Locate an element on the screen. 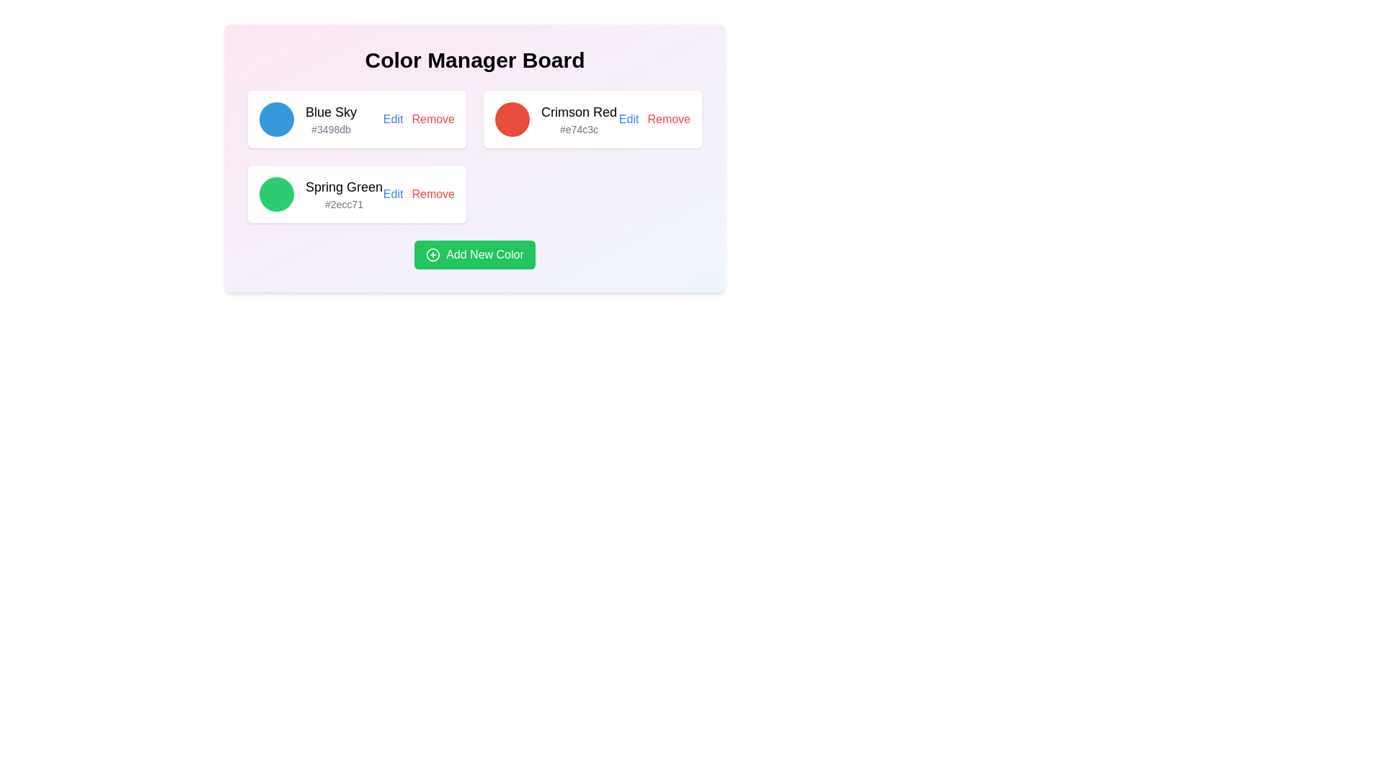 Image resolution: width=1384 pixels, height=778 pixels. the second color entry labeled 'Color entry with text and circular icon' in the Color Manager Board is located at coordinates (555, 118).